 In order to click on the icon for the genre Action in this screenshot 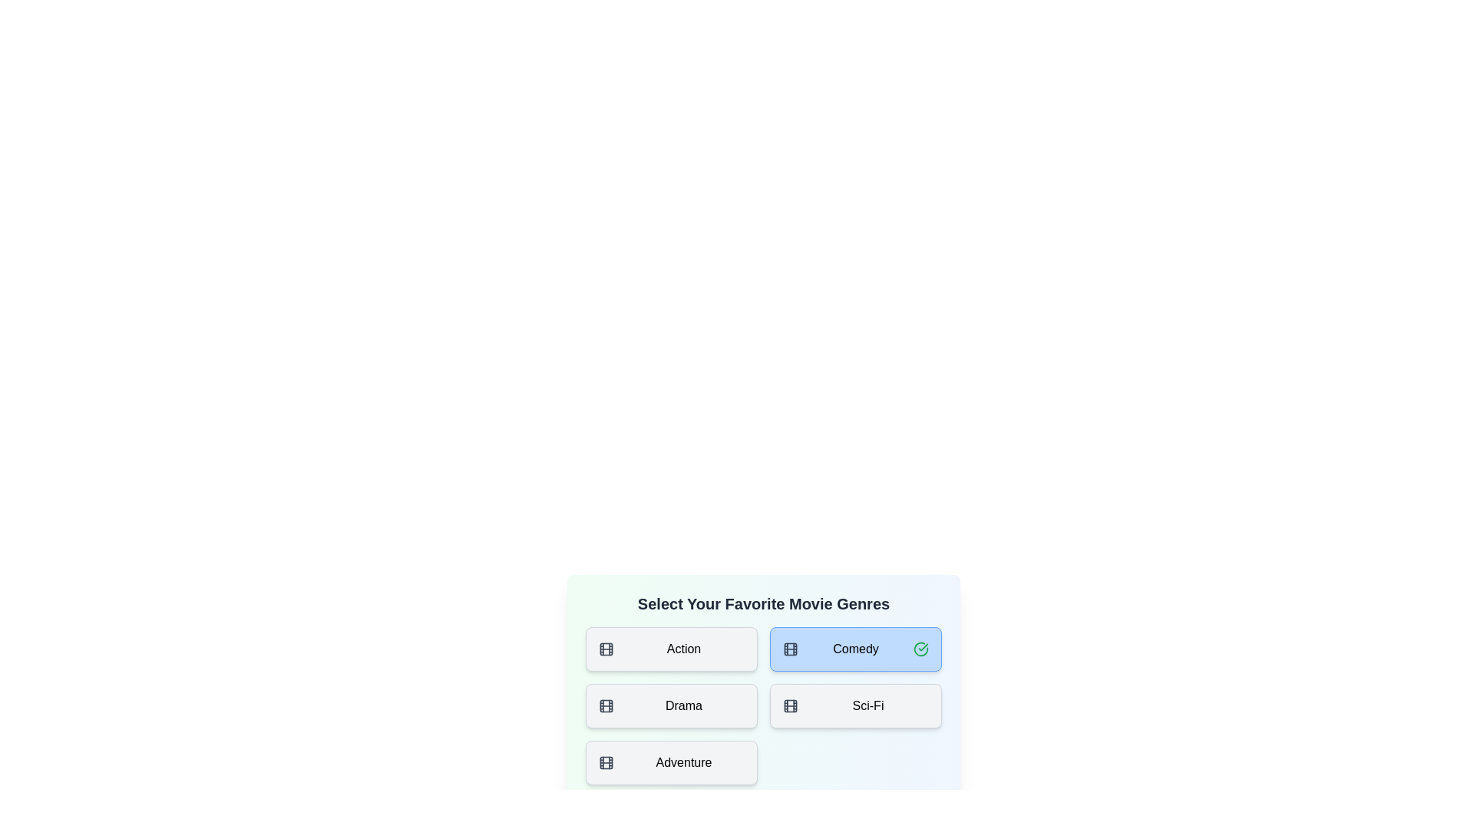, I will do `click(606, 649)`.